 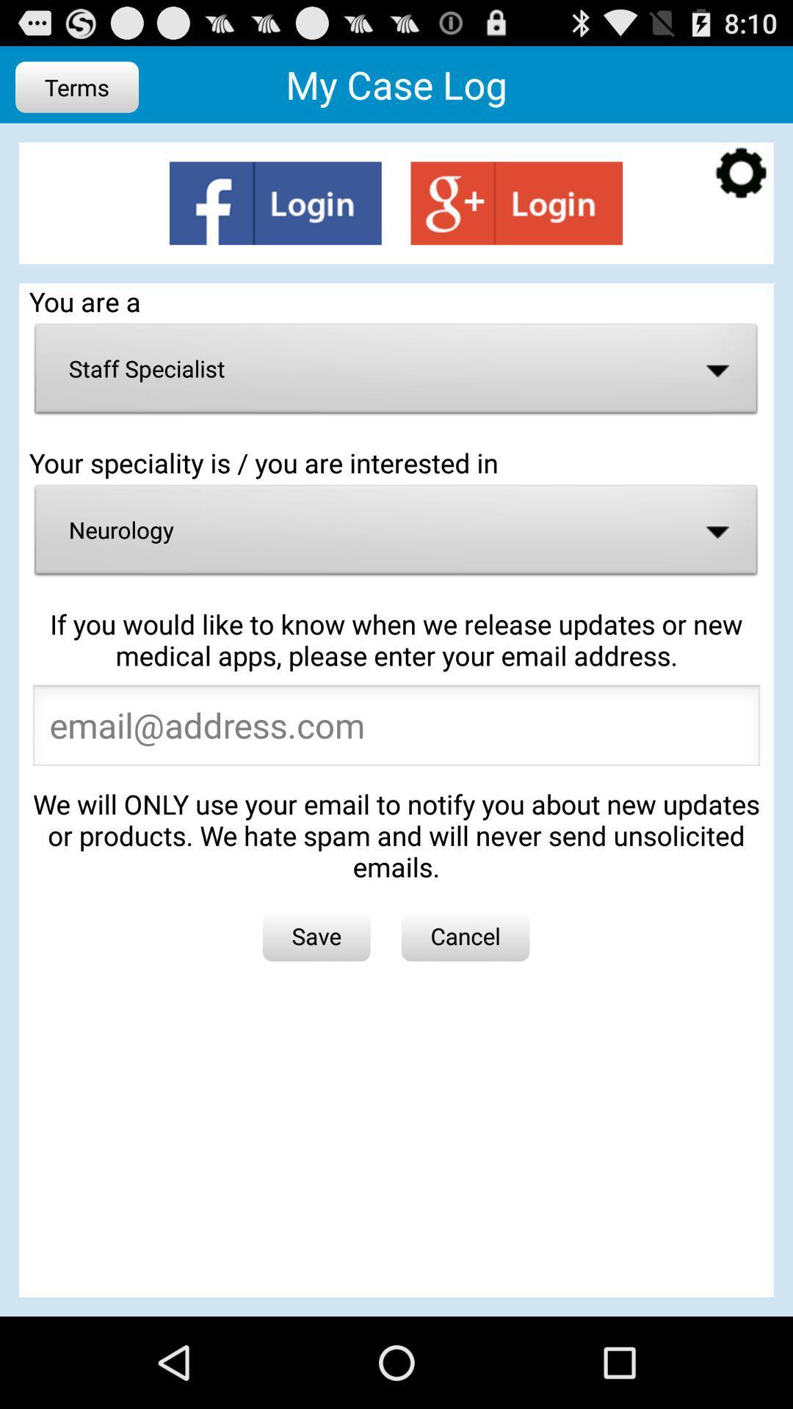 What do you see at coordinates (396, 729) in the screenshot?
I see `email pages` at bounding box center [396, 729].